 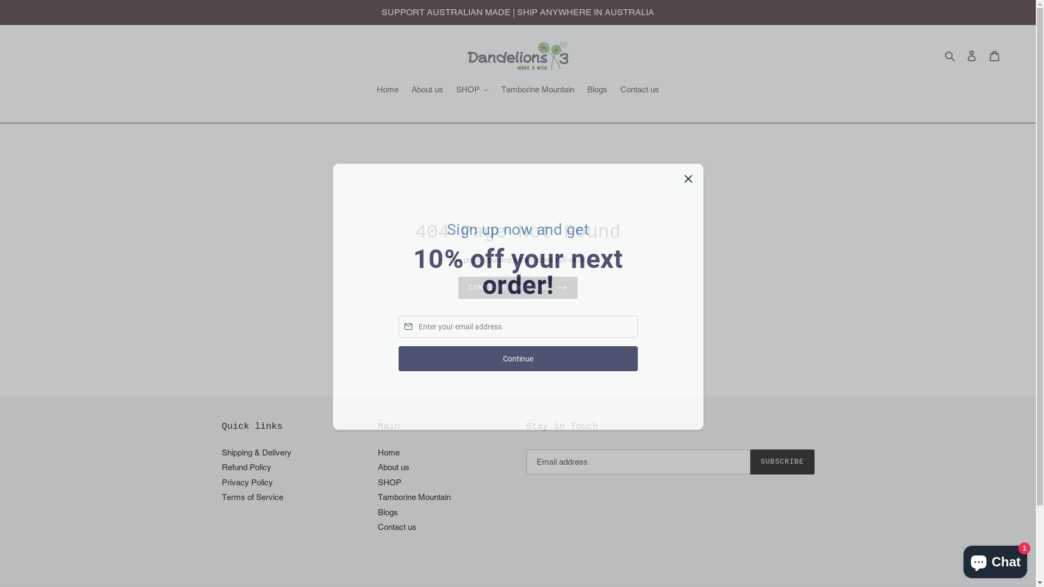 What do you see at coordinates (393, 466) in the screenshot?
I see `'About us'` at bounding box center [393, 466].